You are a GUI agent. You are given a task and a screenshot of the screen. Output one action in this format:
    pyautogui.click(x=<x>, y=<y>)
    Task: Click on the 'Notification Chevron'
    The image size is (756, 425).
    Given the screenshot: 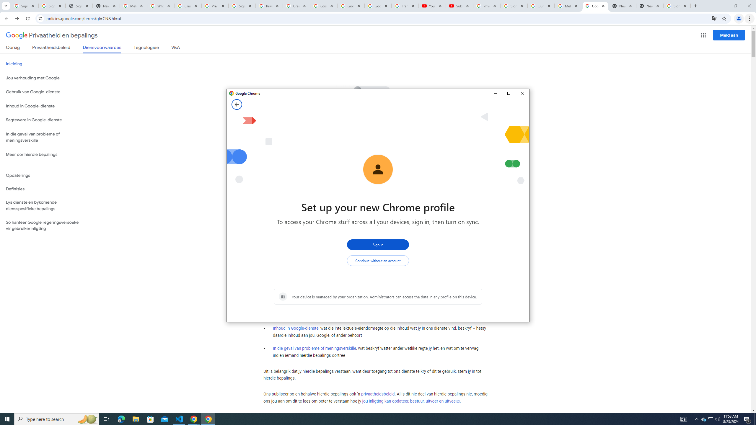 What is the action you would take?
    pyautogui.click(x=697, y=419)
    